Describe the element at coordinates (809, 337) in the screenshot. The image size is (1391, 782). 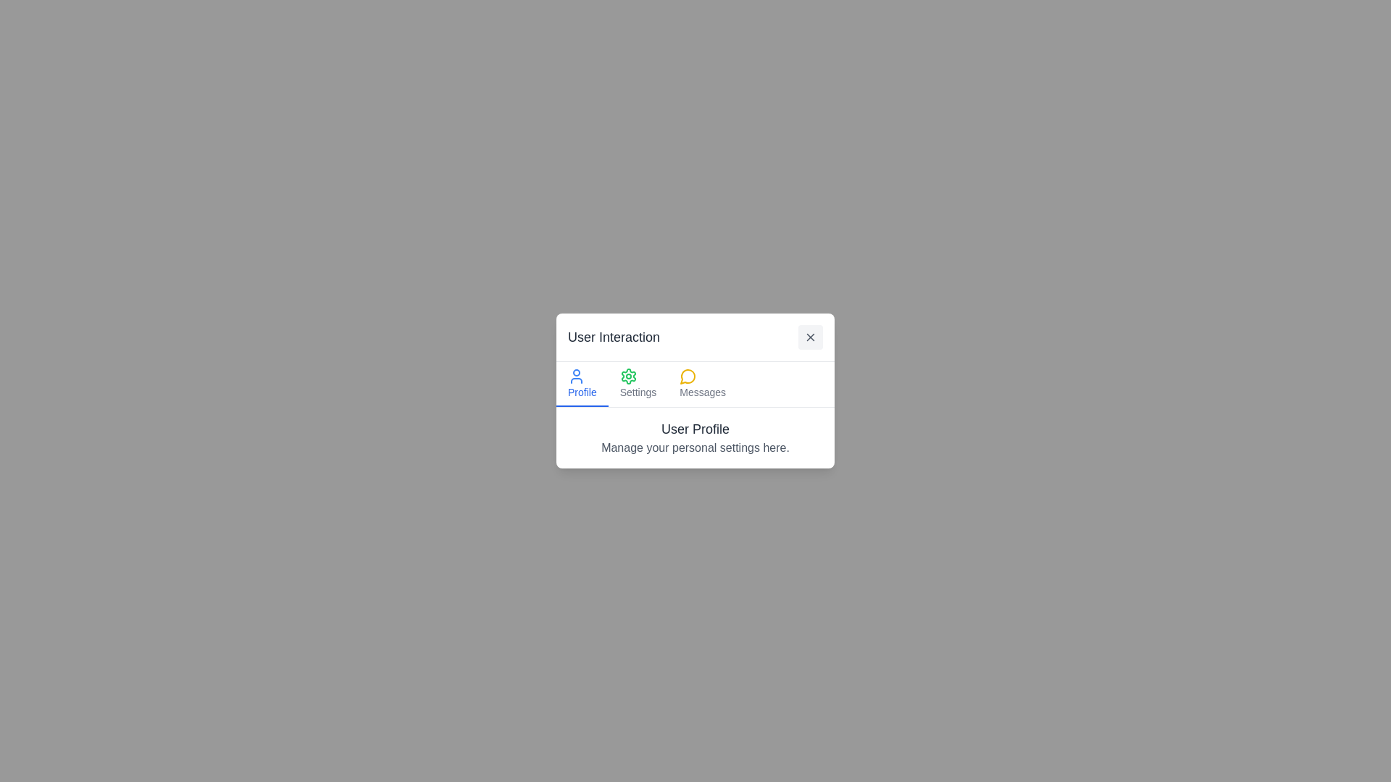
I see `the Close button located in the top right corner of the 'User Interaction' dialog` at that location.